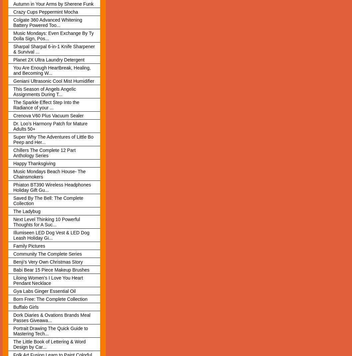 This screenshot has width=352, height=356. What do you see at coordinates (48, 280) in the screenshot?
I see `'Liloing Women’s I Love You Heart Pendant Necklace'` at bounding box center [48, 280].